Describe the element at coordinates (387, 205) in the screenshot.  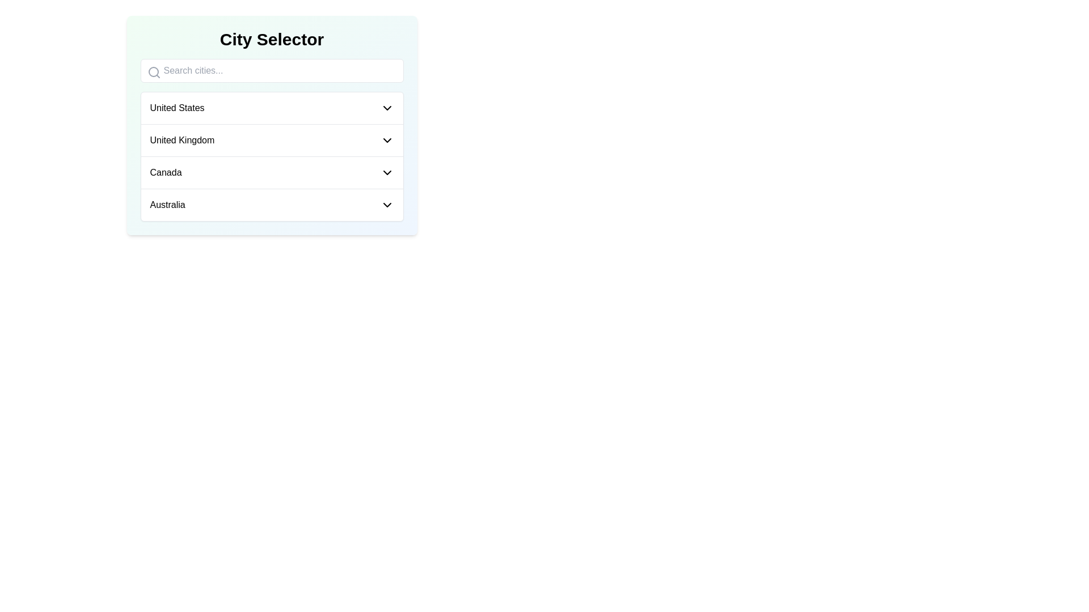
I see `the Dropdown toggle icon with a downward chevron located in the far-right section of the row containing 'Australia'` at that location.